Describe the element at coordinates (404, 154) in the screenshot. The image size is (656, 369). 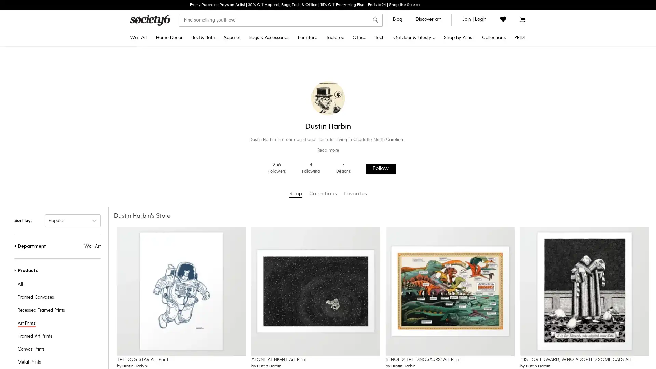
I see `Laptop Stickers` at that location.